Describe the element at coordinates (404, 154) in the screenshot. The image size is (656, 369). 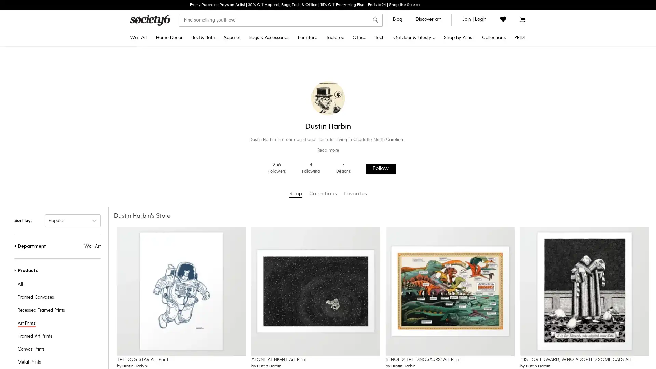
I see `Laptop Stickers` at that location.